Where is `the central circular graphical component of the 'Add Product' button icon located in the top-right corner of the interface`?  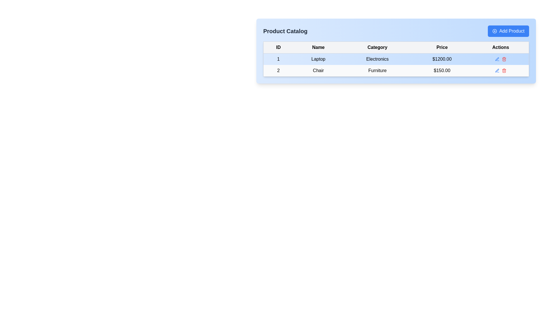 the central circular graphical component of the 'Add Product' button icon located in the top-right corner of the interface is located at coordinates (494, 31).